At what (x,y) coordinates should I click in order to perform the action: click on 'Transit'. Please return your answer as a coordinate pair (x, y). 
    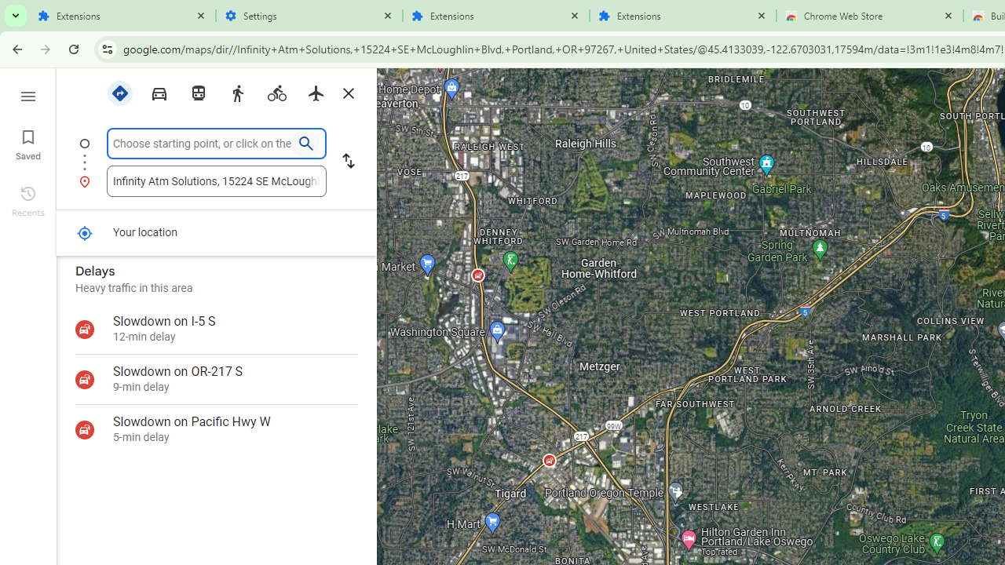
    Looking at the image, I should click on (197, 92).